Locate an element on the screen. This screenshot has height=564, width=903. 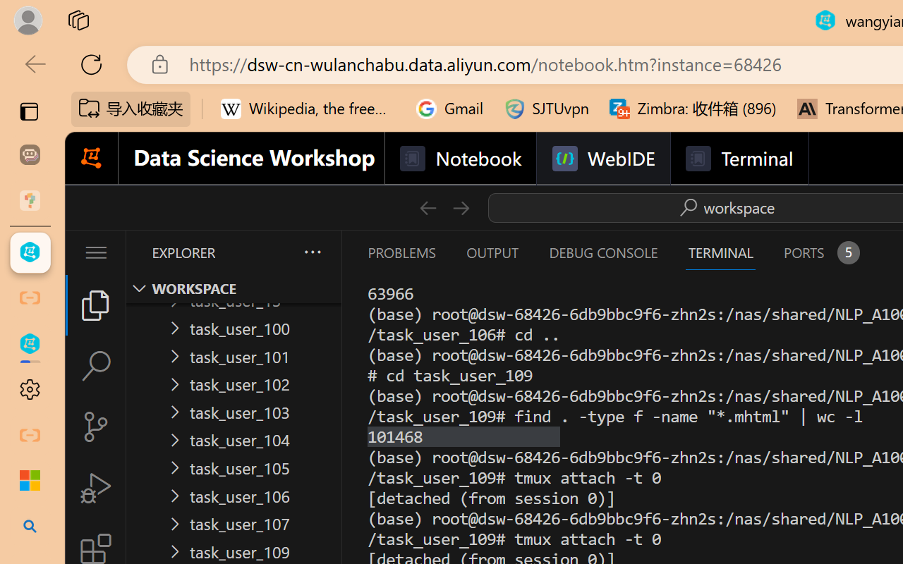
'Problems (Ctrl+Shift+M)' is located at coordinates (400, 252).